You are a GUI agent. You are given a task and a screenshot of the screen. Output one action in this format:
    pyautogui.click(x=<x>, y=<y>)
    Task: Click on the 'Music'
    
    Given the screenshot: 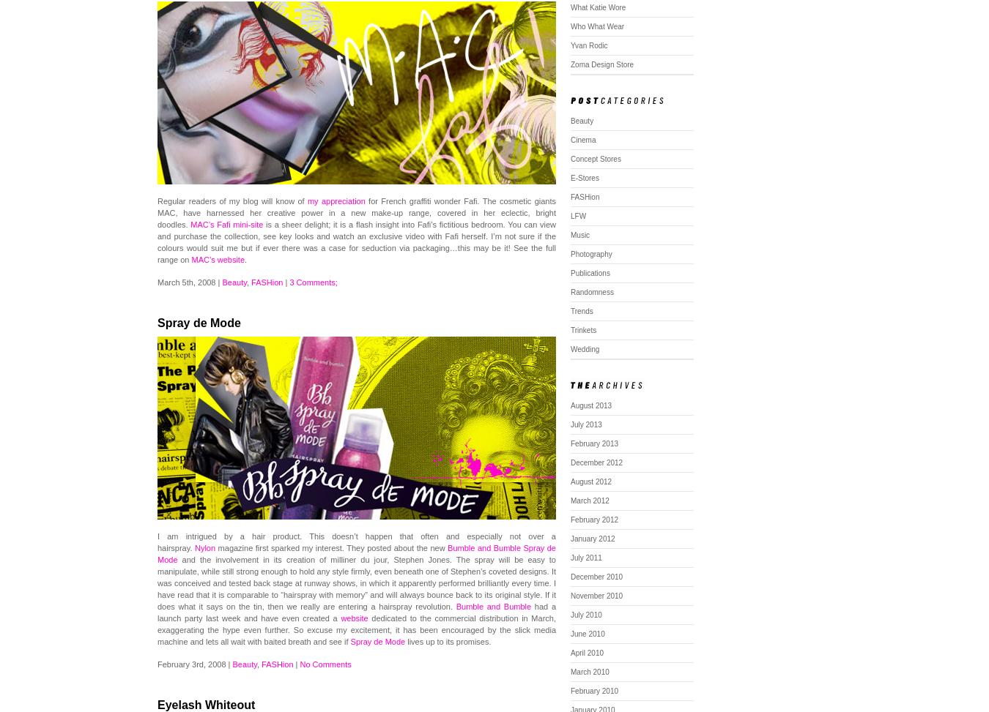 What is the action you would take?
    pyautogui.click(x=580, y=235)
    